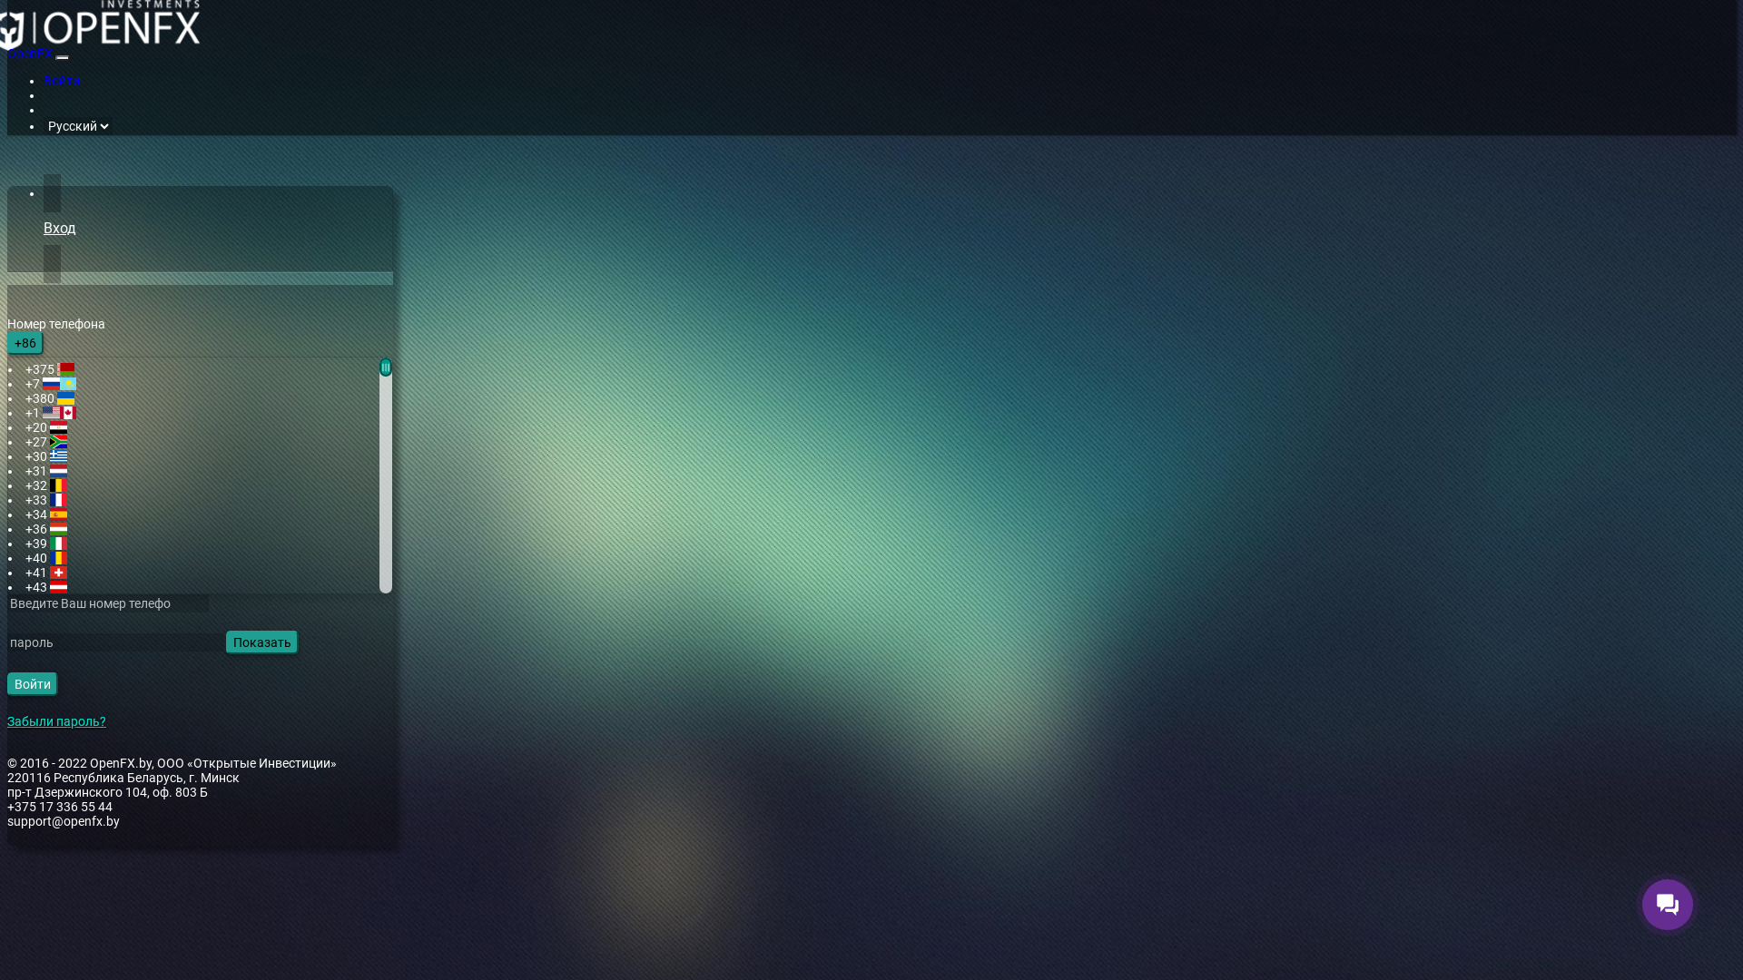 This screenshot has height=980, width=1743. Describe the element at coordinates (7, 343) in the screenshot. I see `'+86'` at that location.